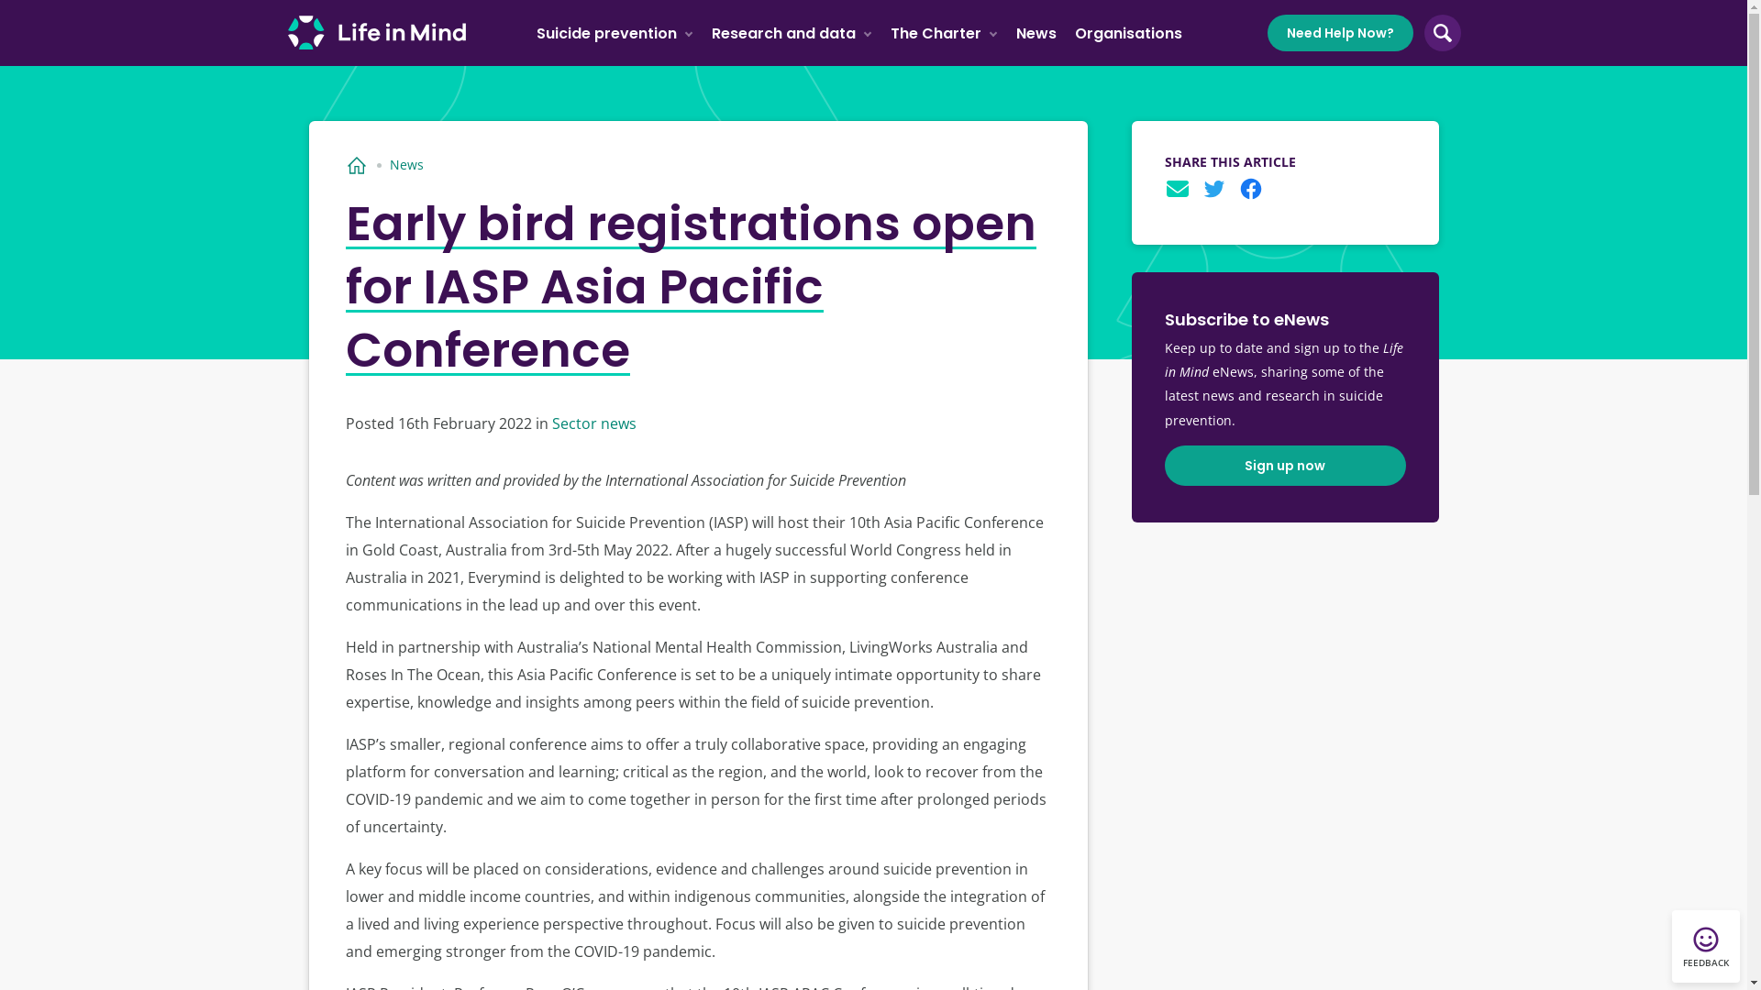 Image resolution: width=1761 pixels, height=990 pixels. I want to click on 'Email this page to a friend', so click(1177, 188).